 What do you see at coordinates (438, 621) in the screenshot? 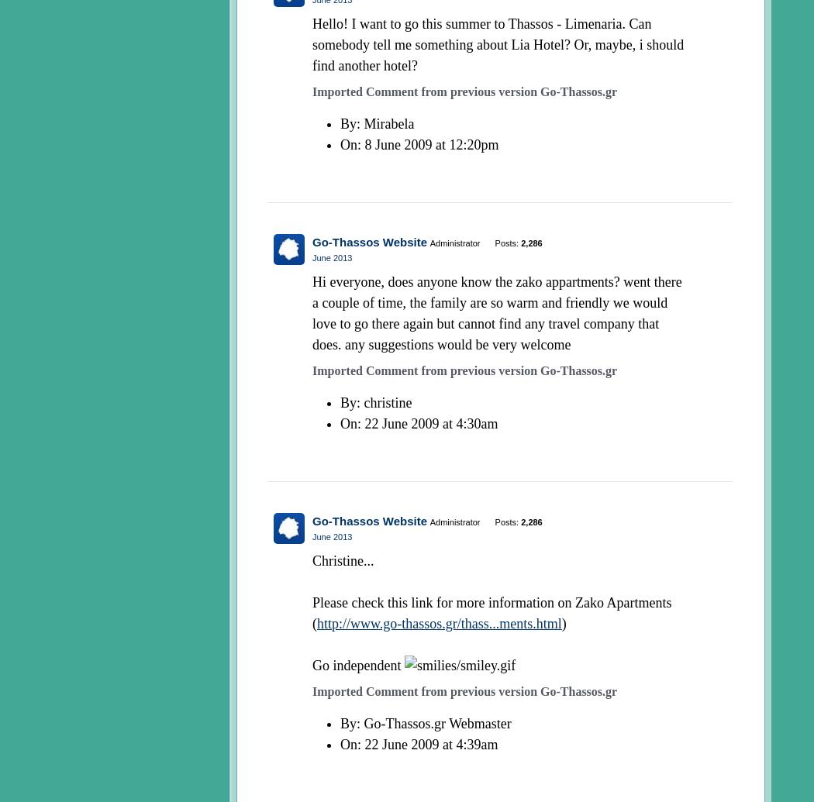
I see `'http://www.go-thassos.gr/thass...ments.html'` at bounding box center [438, 621].